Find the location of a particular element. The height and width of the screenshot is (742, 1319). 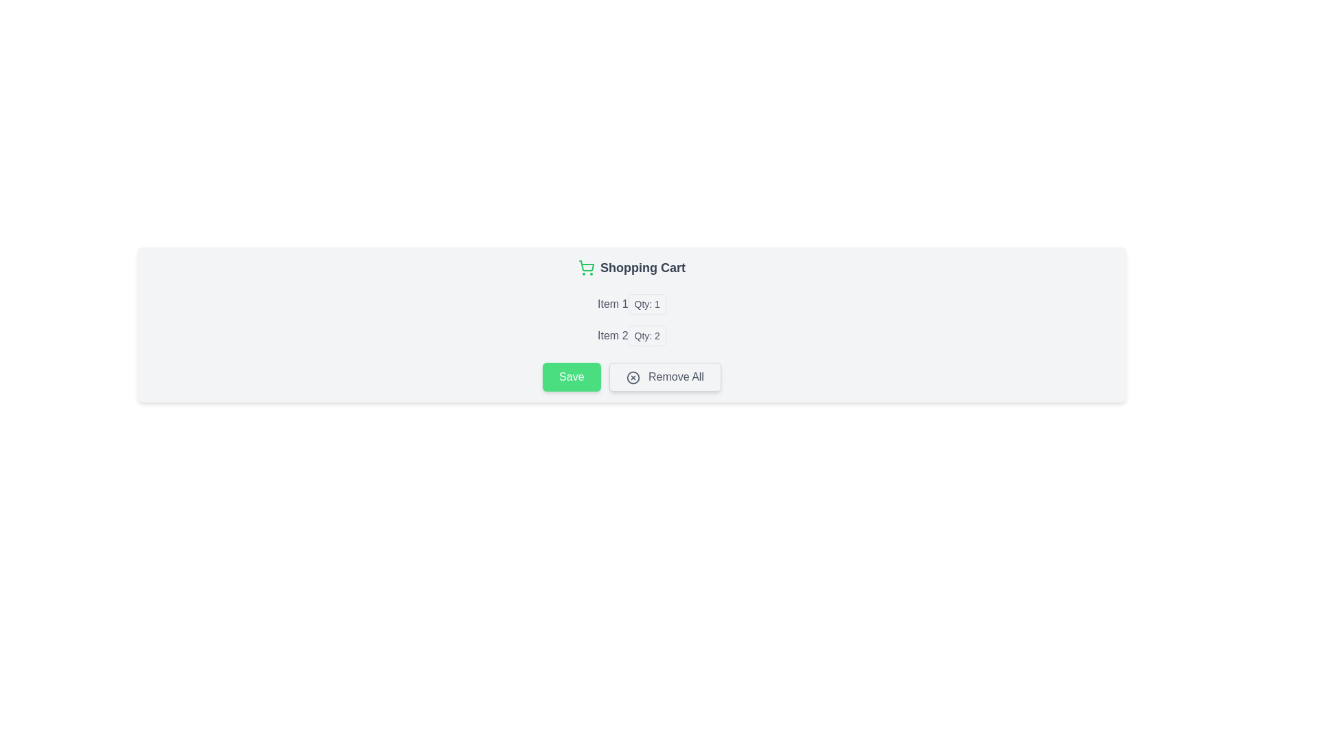

static text header labeled 'Shopping Cart', which is displayed in a bold font style and medium gray color, located in the upper section of the white area next to a green shopping cart icon is located at coordinates (642, 267).